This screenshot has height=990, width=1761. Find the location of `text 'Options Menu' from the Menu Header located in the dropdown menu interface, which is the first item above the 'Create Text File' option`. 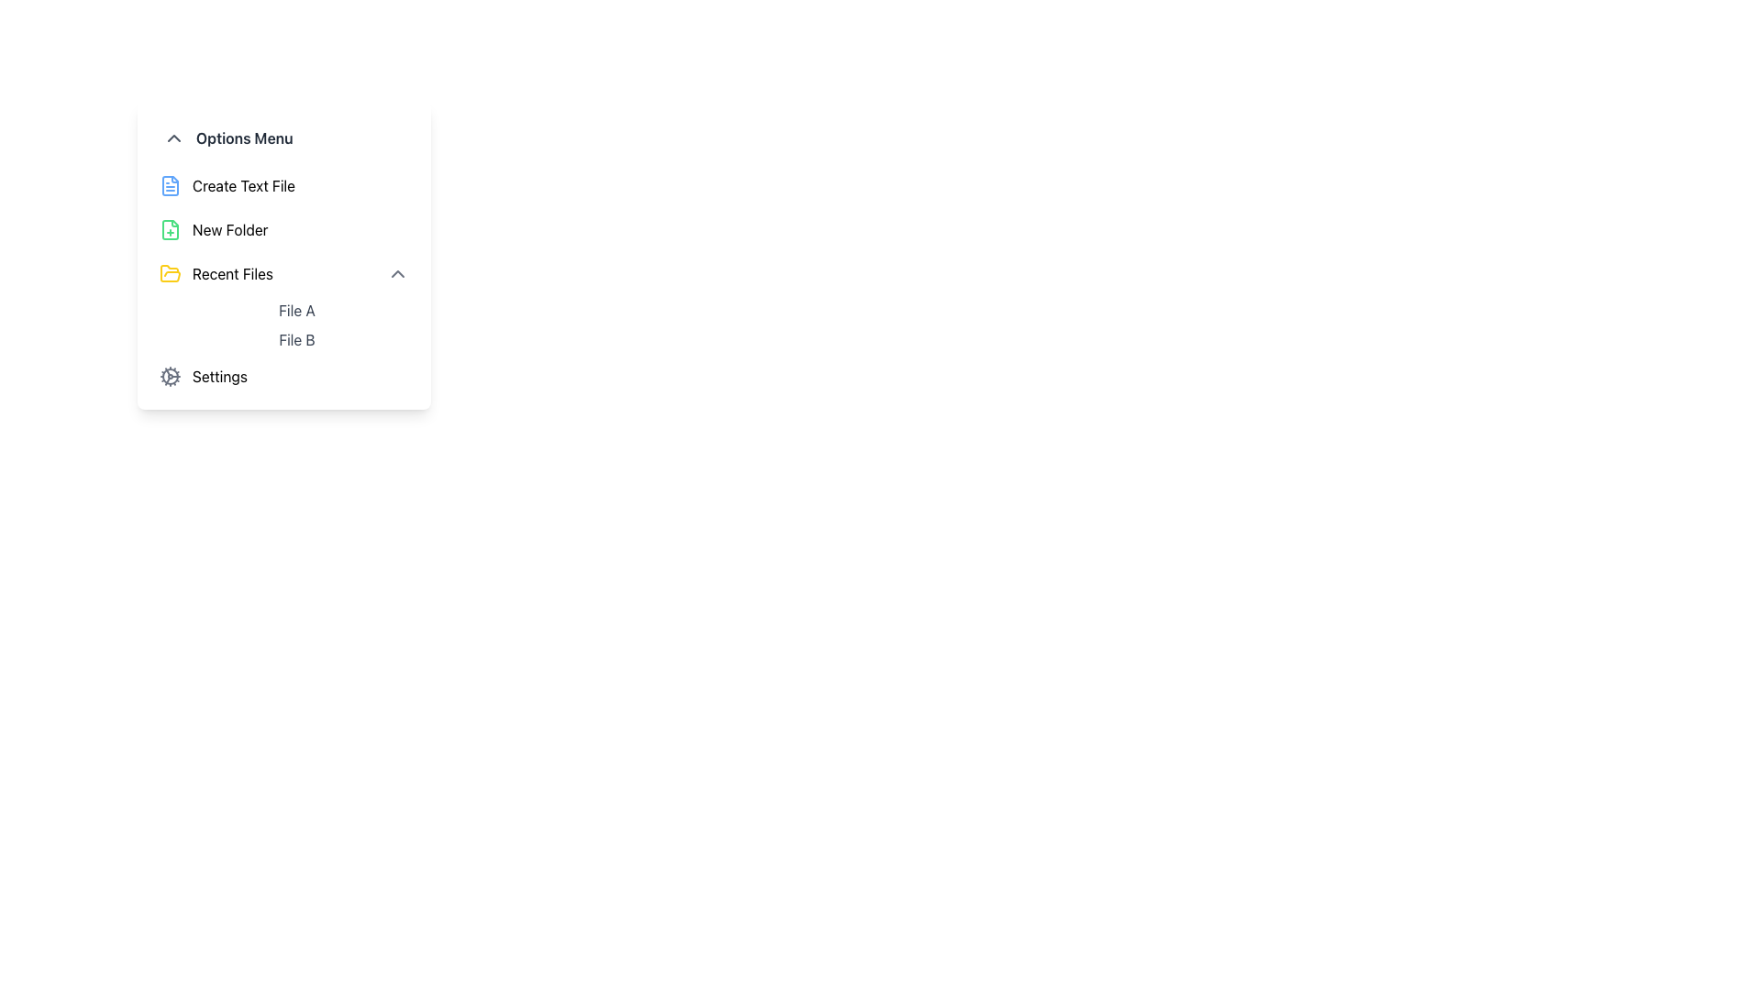

text 'Options Menu' from the Menu Header located in the dropdown menu interface, which is the first item above the 'Create Text File' option is located at coordinates (283, 137).